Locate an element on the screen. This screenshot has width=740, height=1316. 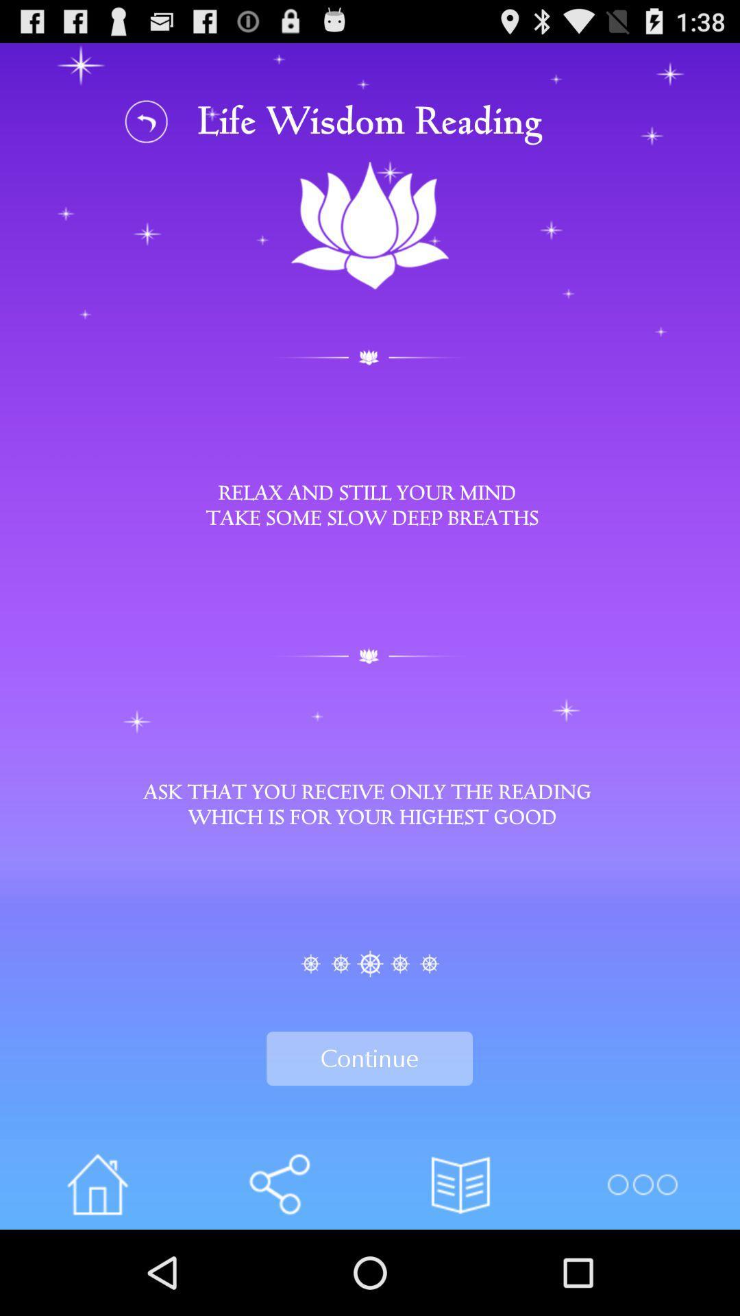
the image above the button continue on the web page is located at coordinates (370, 963).